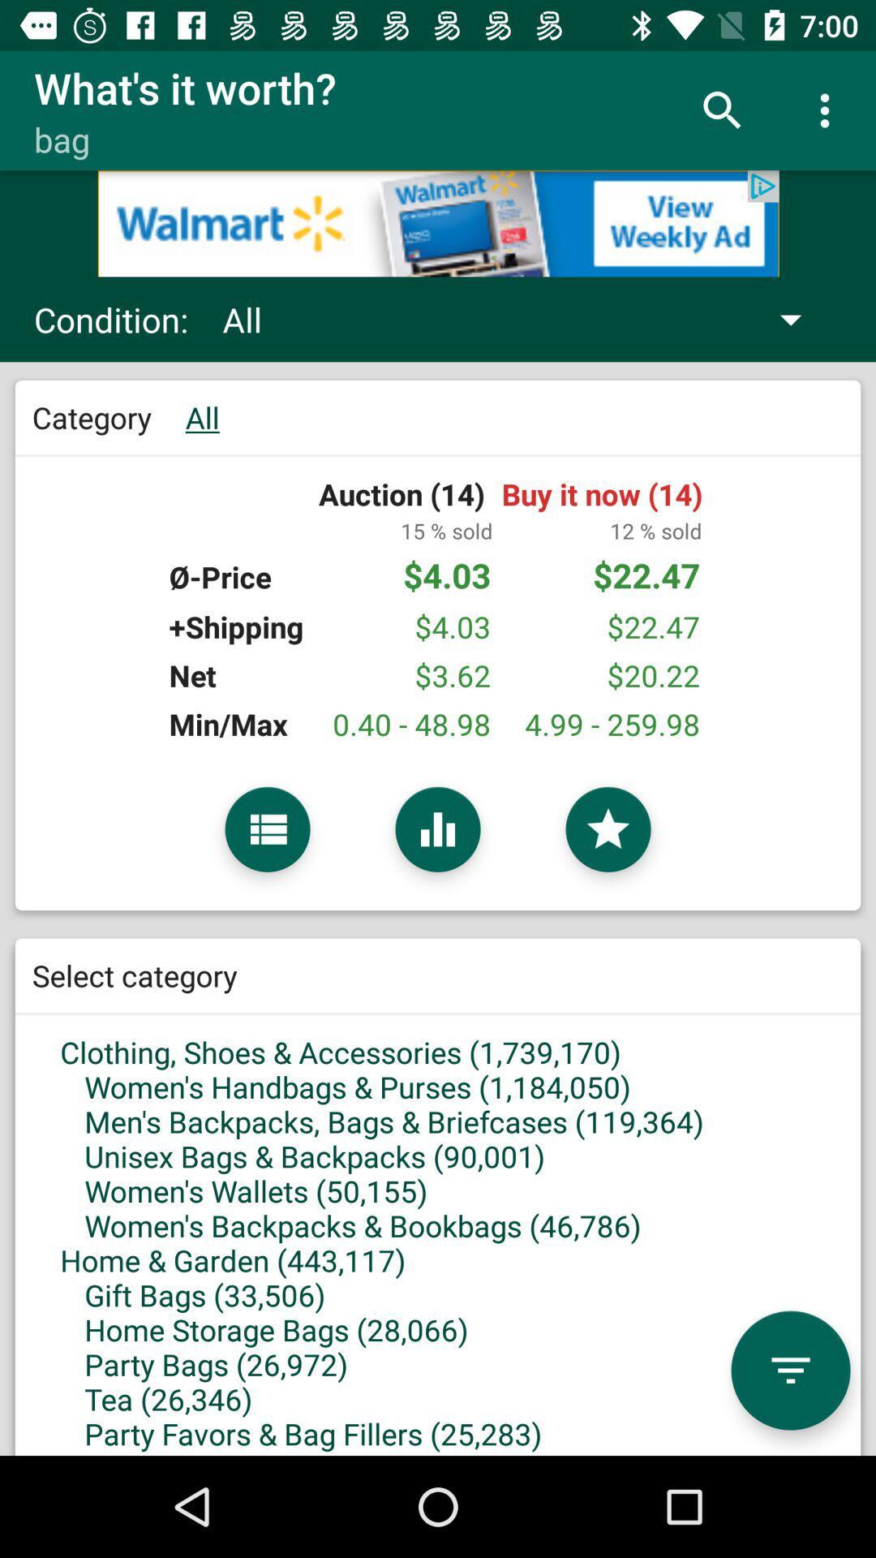  I want to click on the filter_list icon, so click(790, 1370).